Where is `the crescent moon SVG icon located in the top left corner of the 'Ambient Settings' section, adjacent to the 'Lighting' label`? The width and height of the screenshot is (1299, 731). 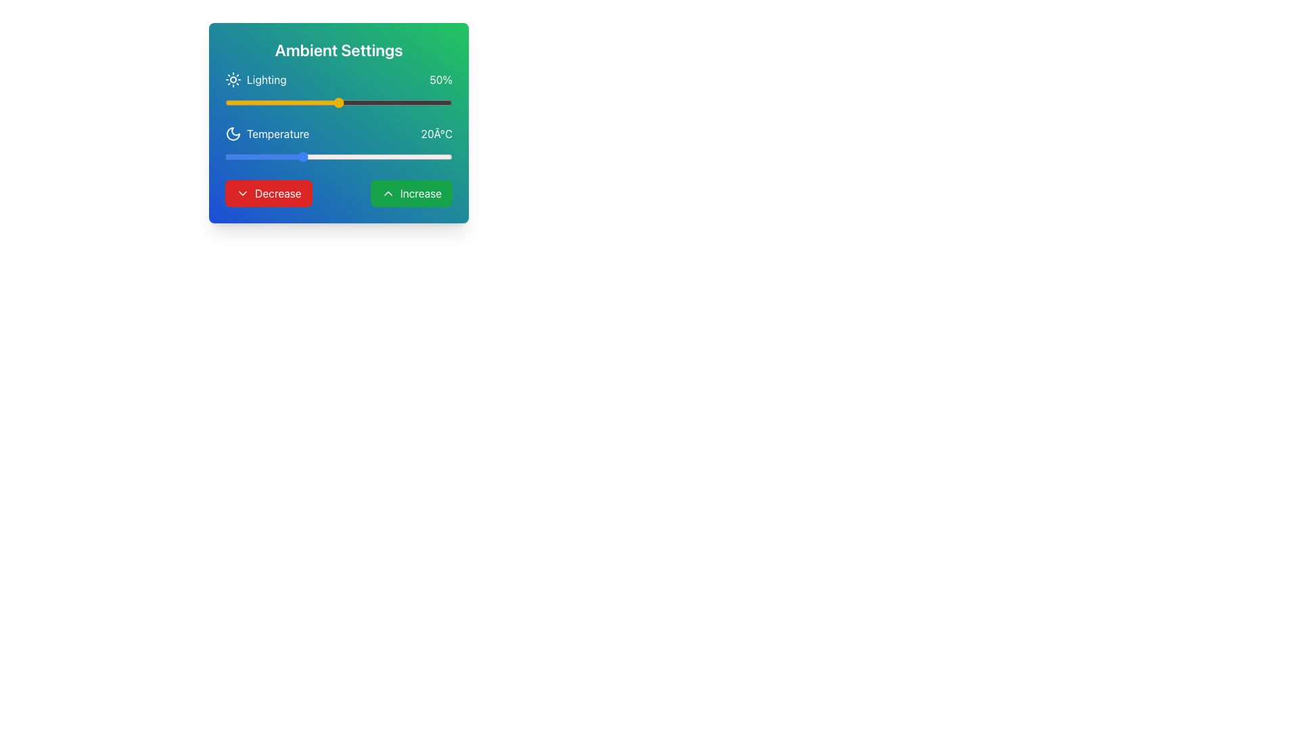 the crescent moon SVG icon located in the top left corner of the 'Ambient Settings' section, adjacent to the 'Lighting' label is located at coordinates (233, 133).